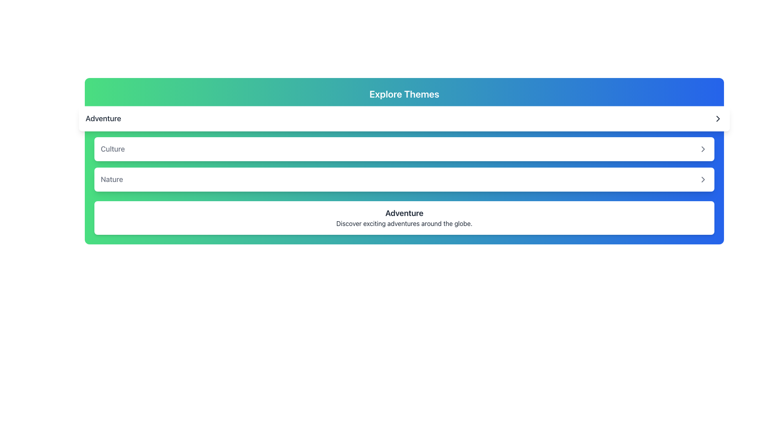 This screenshot has width=768, height=432. I want to click on the right-facing chevron arrow icon positioned at the far-right of the 'Adventure' white bar, so click(718, 119).